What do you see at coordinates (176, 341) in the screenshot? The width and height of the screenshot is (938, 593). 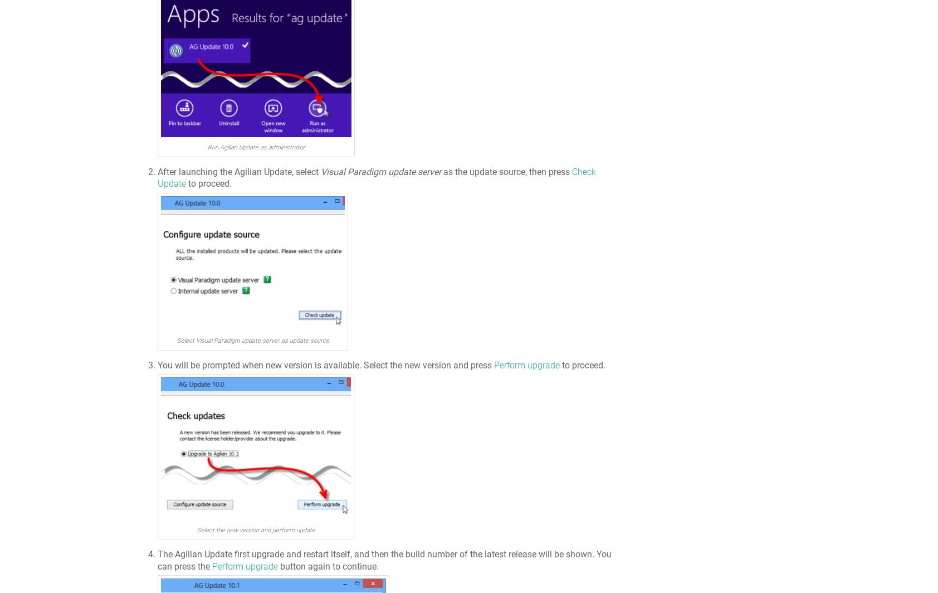 I see `'Select Visual Paradigm update server as update source'` at bounding box center [176, 341].